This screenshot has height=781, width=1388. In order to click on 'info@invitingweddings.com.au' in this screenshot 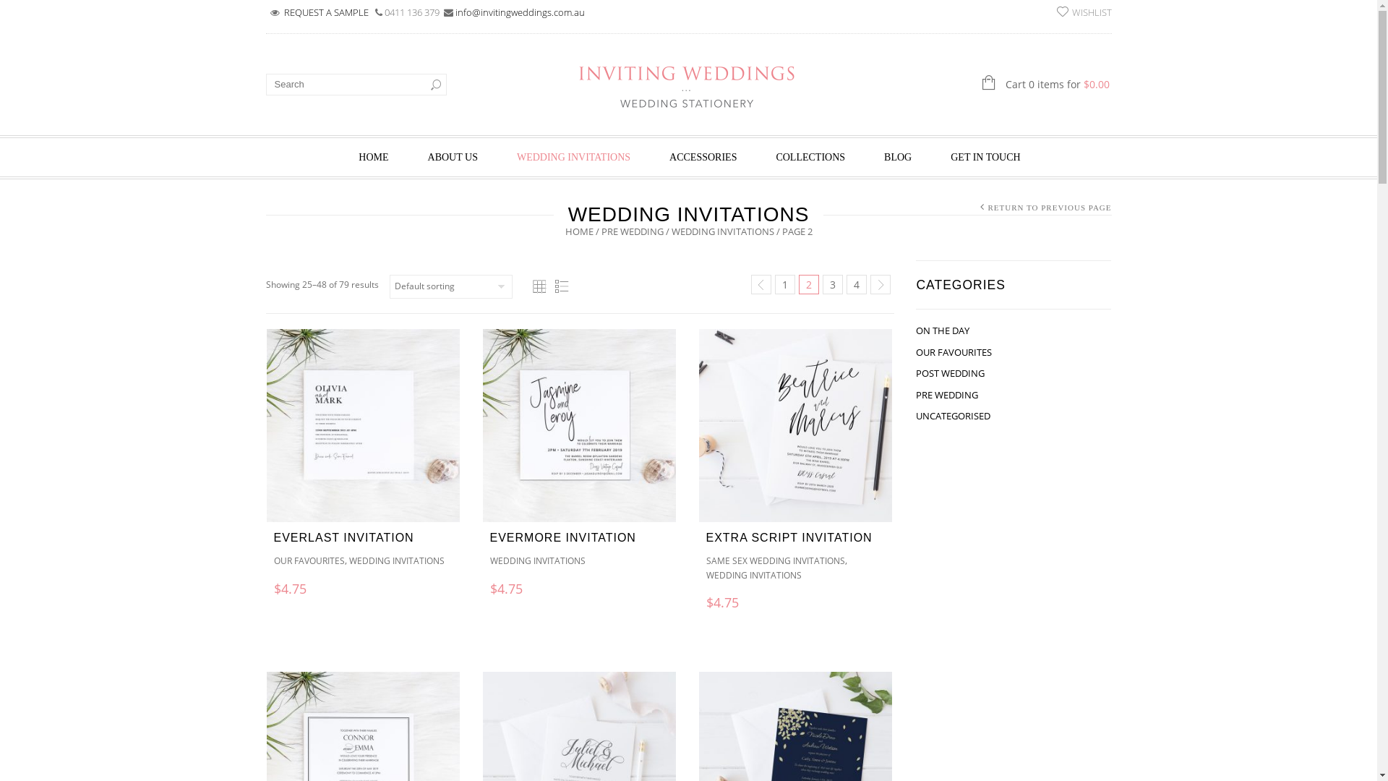, I will do `click(520, 12)`.